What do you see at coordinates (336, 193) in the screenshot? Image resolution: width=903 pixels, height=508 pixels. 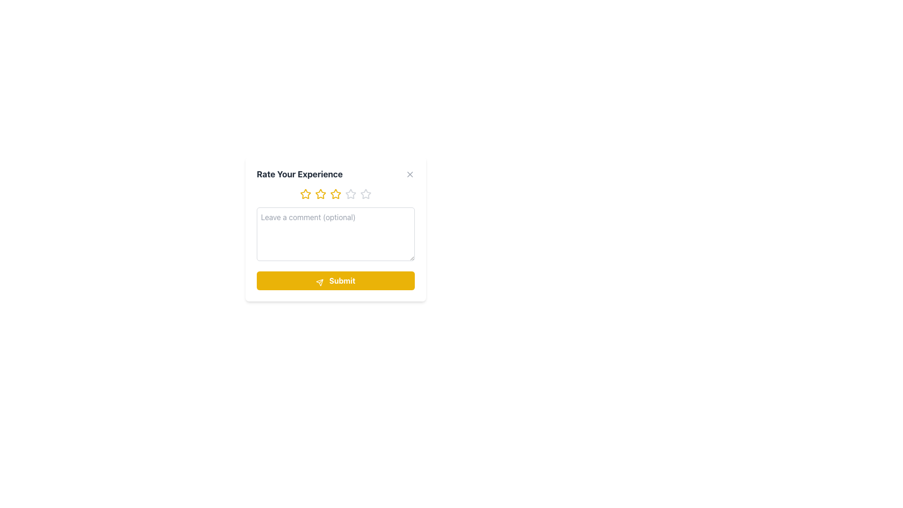 I see `one of the star-shaped icons in the Star Rating Component to set the rating, located near the top center of the modal window below 'Rate Your Experience'` at bounding box center [336, 193].